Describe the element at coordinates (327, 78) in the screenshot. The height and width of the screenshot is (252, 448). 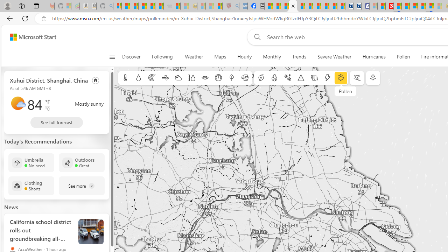
I see `'Lightning'` at that location.